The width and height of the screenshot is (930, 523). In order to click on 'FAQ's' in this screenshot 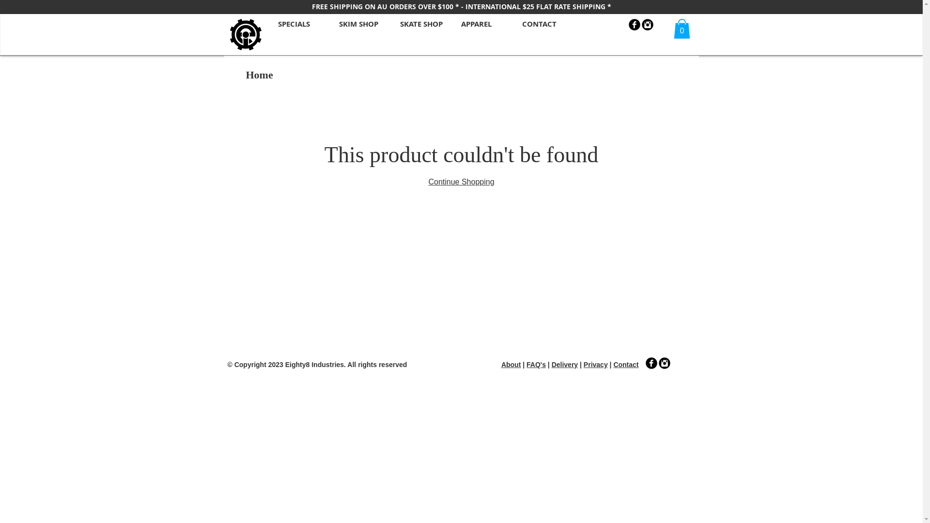, I will do `click(536, 364)`.